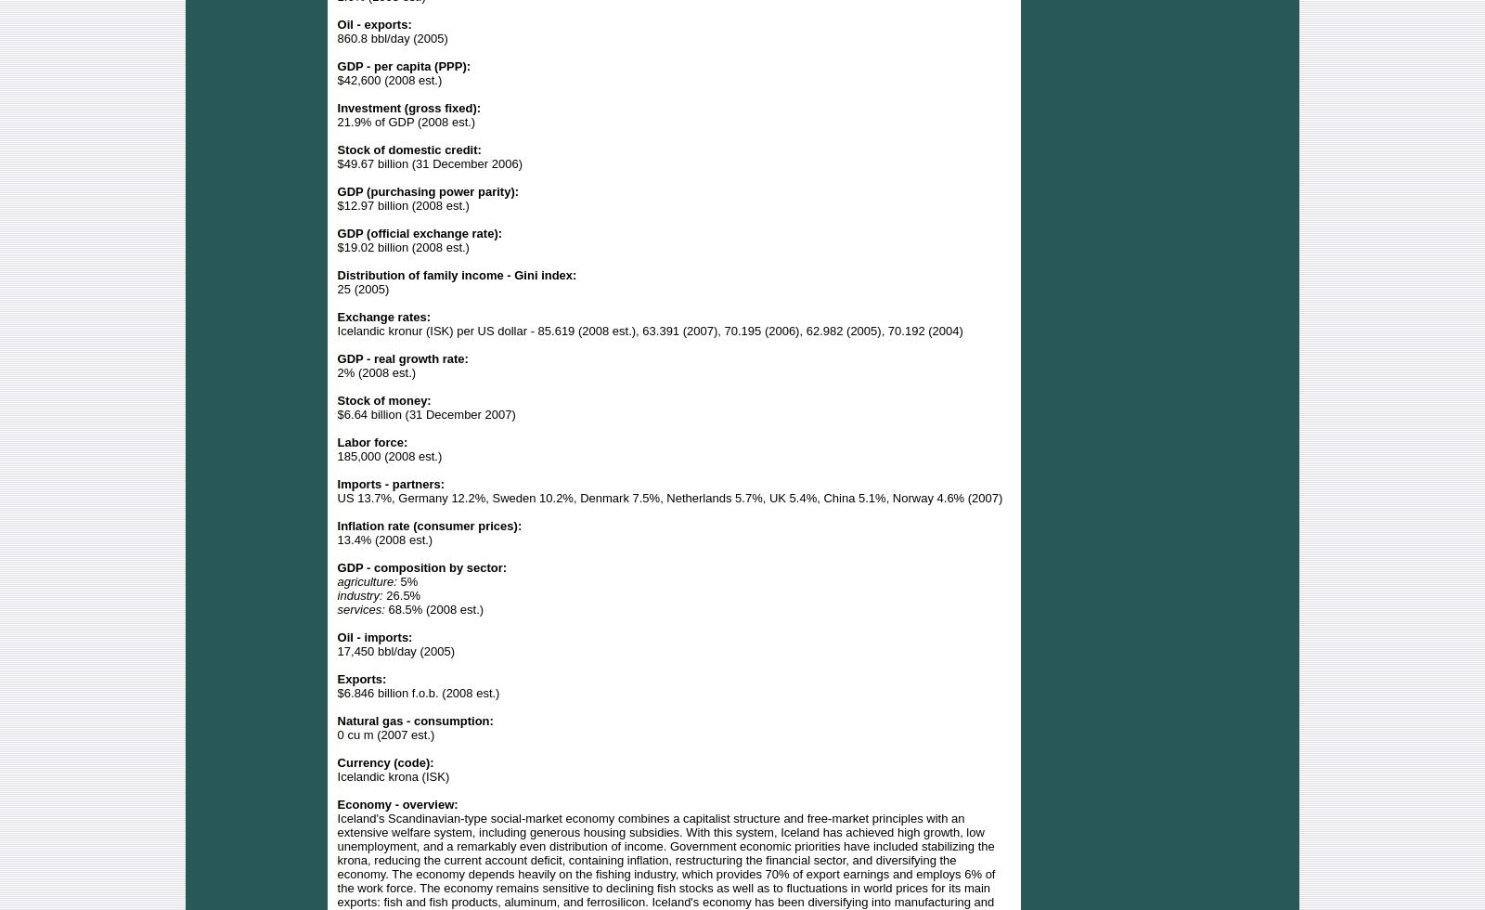  Describe the element at coordinates (401, 204) in the screenshot. I see `'$12.97 billion (2008 est.)'` at that location.